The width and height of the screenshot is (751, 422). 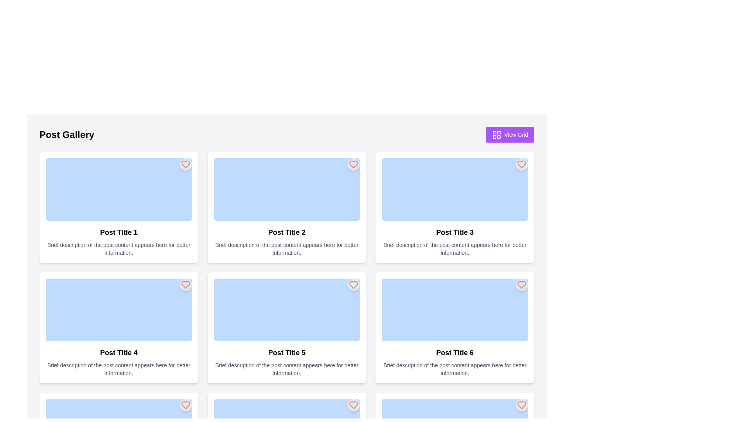 What do you see at coordinates (185, 164) in the screenshot?
I see `the heart-shaped icon located in the top-right corner of the panel for 'Post Title 1'` at bounding box center [185, 164].